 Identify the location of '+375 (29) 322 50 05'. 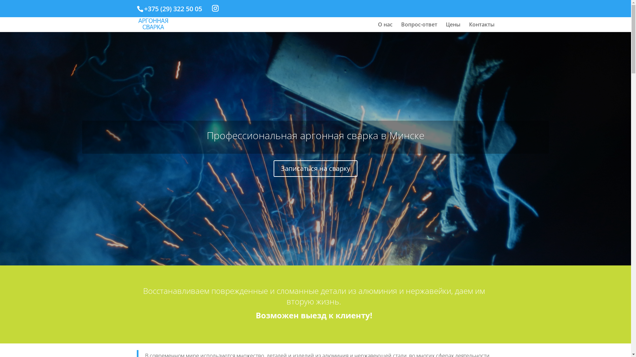
(173, 9).